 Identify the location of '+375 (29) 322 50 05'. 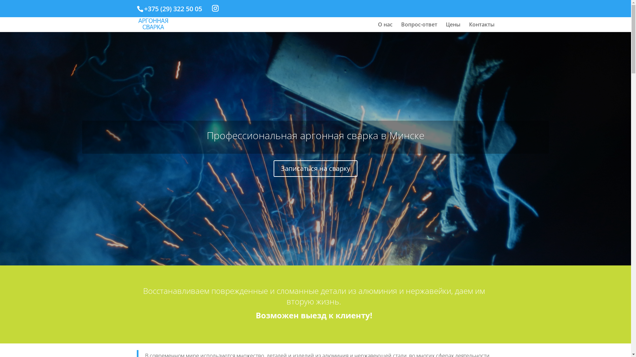
(173, 9).